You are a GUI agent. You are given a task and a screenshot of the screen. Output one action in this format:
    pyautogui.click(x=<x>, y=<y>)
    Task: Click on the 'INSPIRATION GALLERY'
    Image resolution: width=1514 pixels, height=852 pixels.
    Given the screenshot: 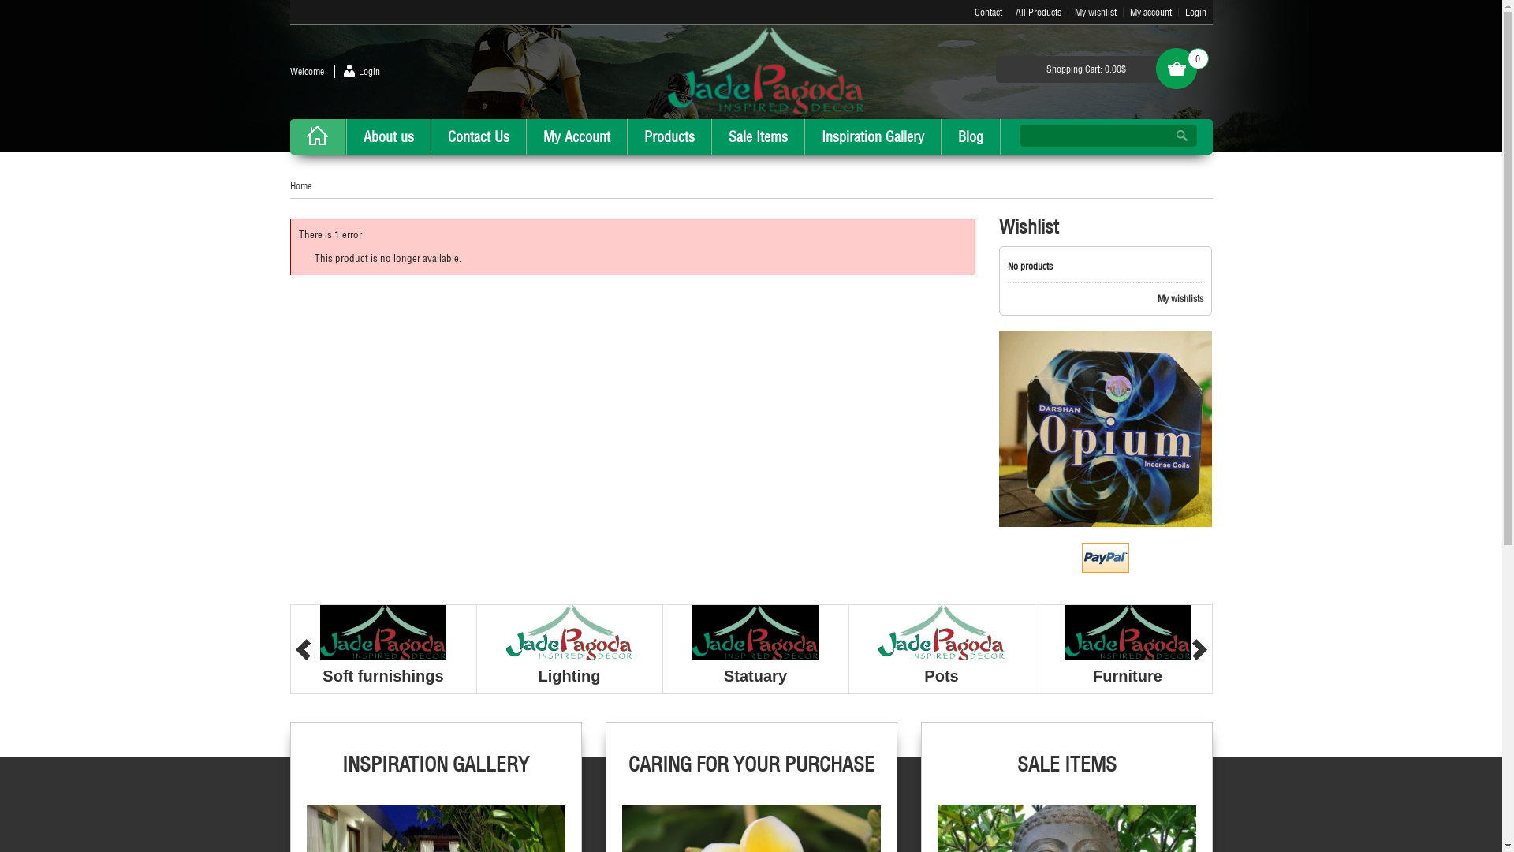 What is the action you would take?
    pyautogui.click(x=435, y=775)
    